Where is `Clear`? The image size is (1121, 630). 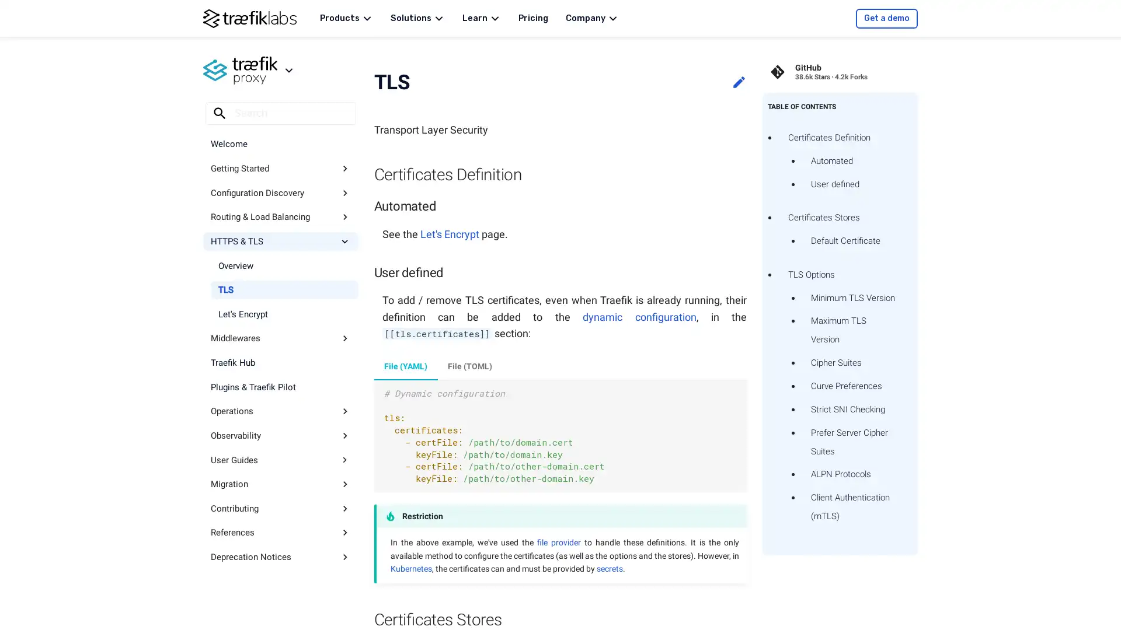 Clear is located at coordinates (621, 15).